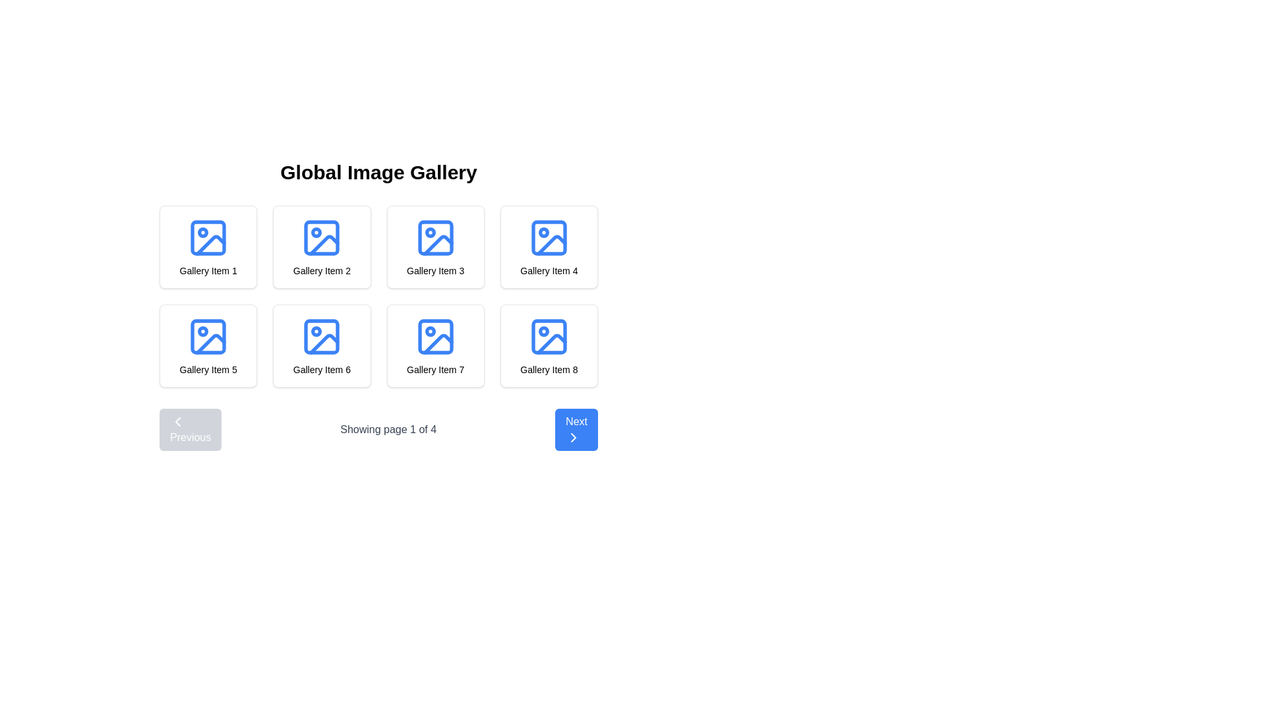 The height and width of the screenshot is (712, 1266). I want to click on the graphical icon representing the second image placeholder in the gallery interface, labeled 'Gallery Item 2', so click(324, 245).